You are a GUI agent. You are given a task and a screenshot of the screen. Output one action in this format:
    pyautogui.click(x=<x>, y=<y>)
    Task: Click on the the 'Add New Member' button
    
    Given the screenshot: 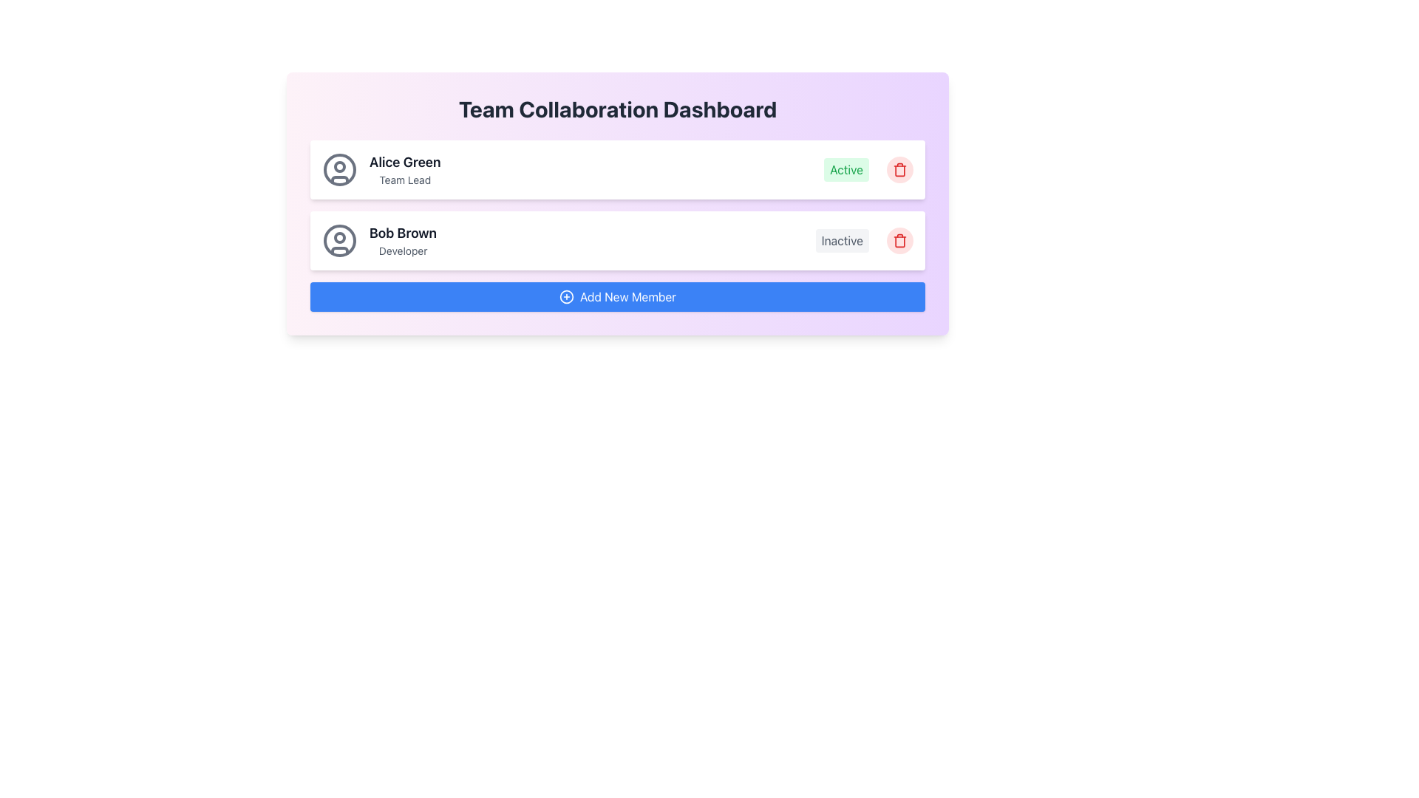 What is the action you would take?
    pyautogui.click(x=617, y=296)
    